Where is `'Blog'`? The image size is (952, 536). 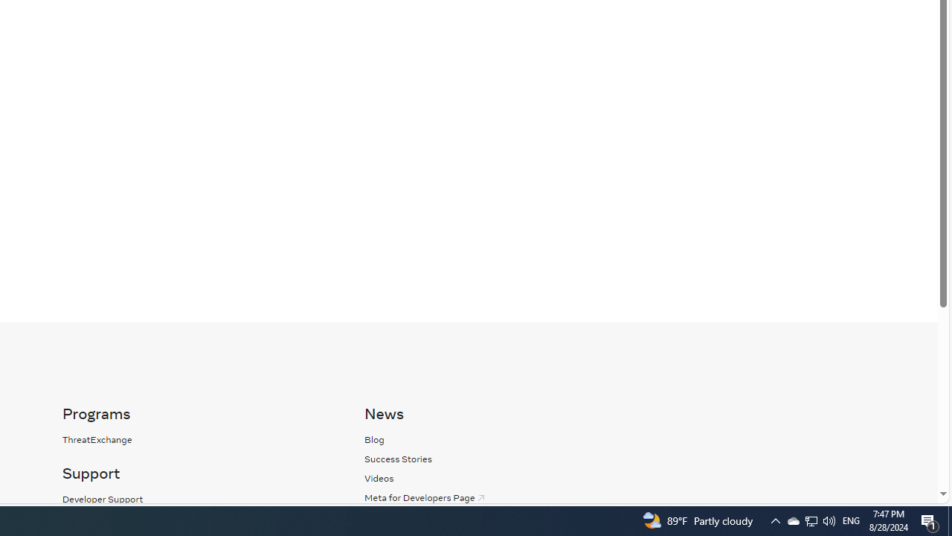 'Blog' is located at coordinates (500, 438).